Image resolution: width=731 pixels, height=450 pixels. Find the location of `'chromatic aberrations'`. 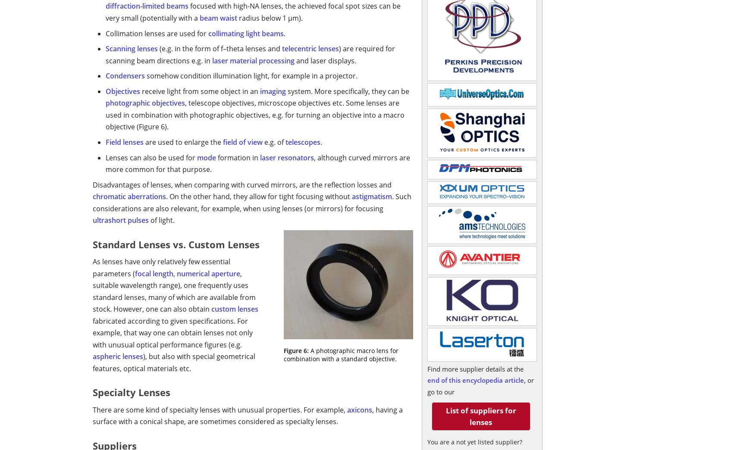

'chromatic aberrations' is located at coordinates (129, 196).